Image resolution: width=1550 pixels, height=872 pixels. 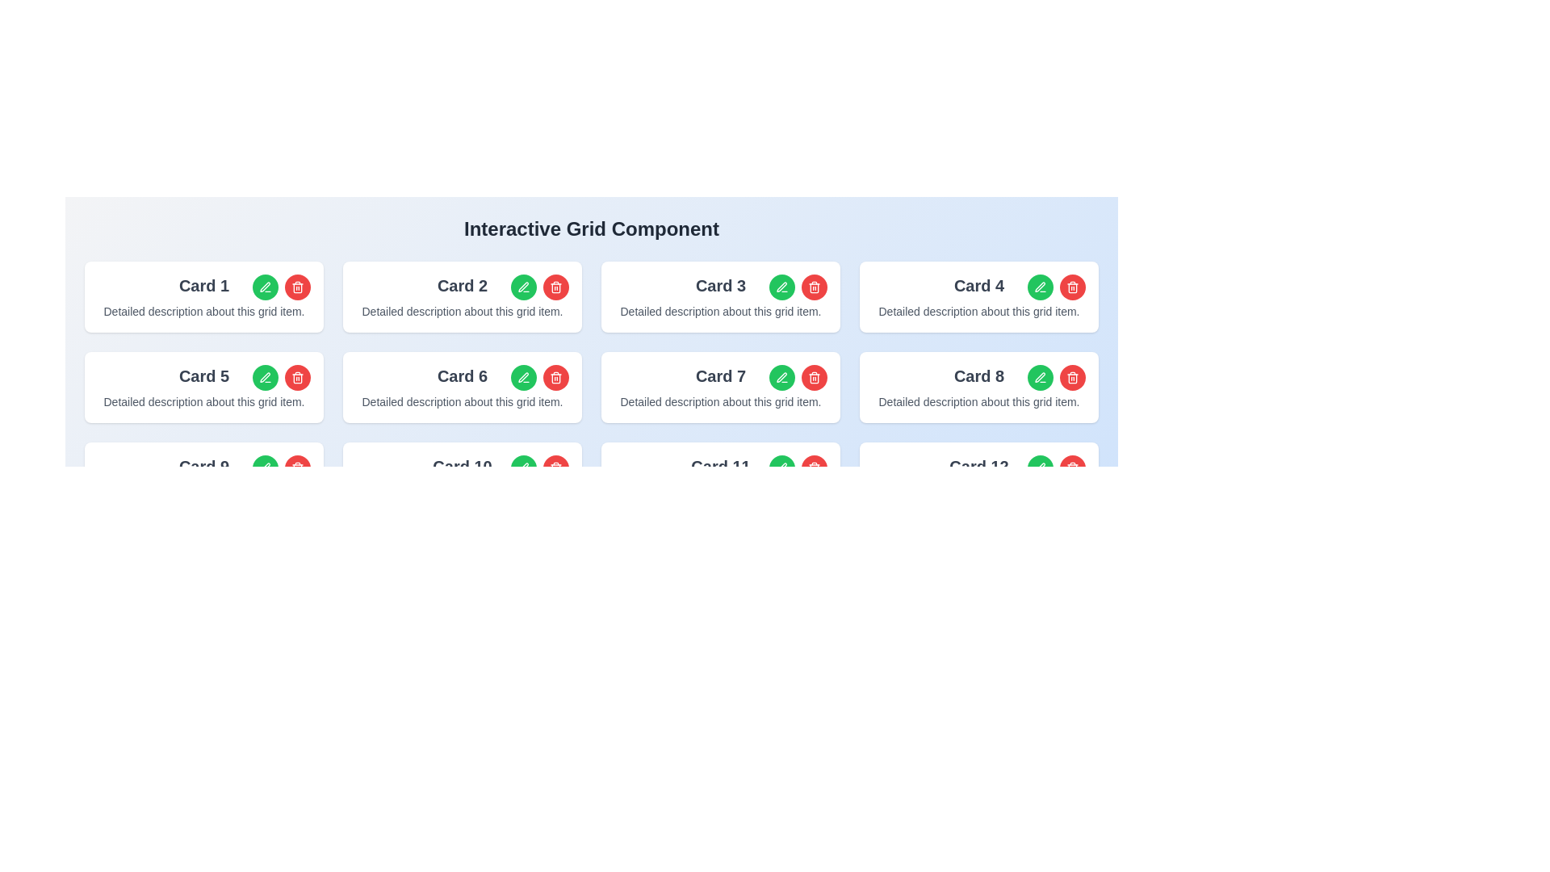 What do you see at coordinates (814, 287) in the screenshot?
I see `the trashcan icon component located to the right of 'Card 7' in the grid layout, positioned centrally within the grid card` at bounding box center [814, 287].